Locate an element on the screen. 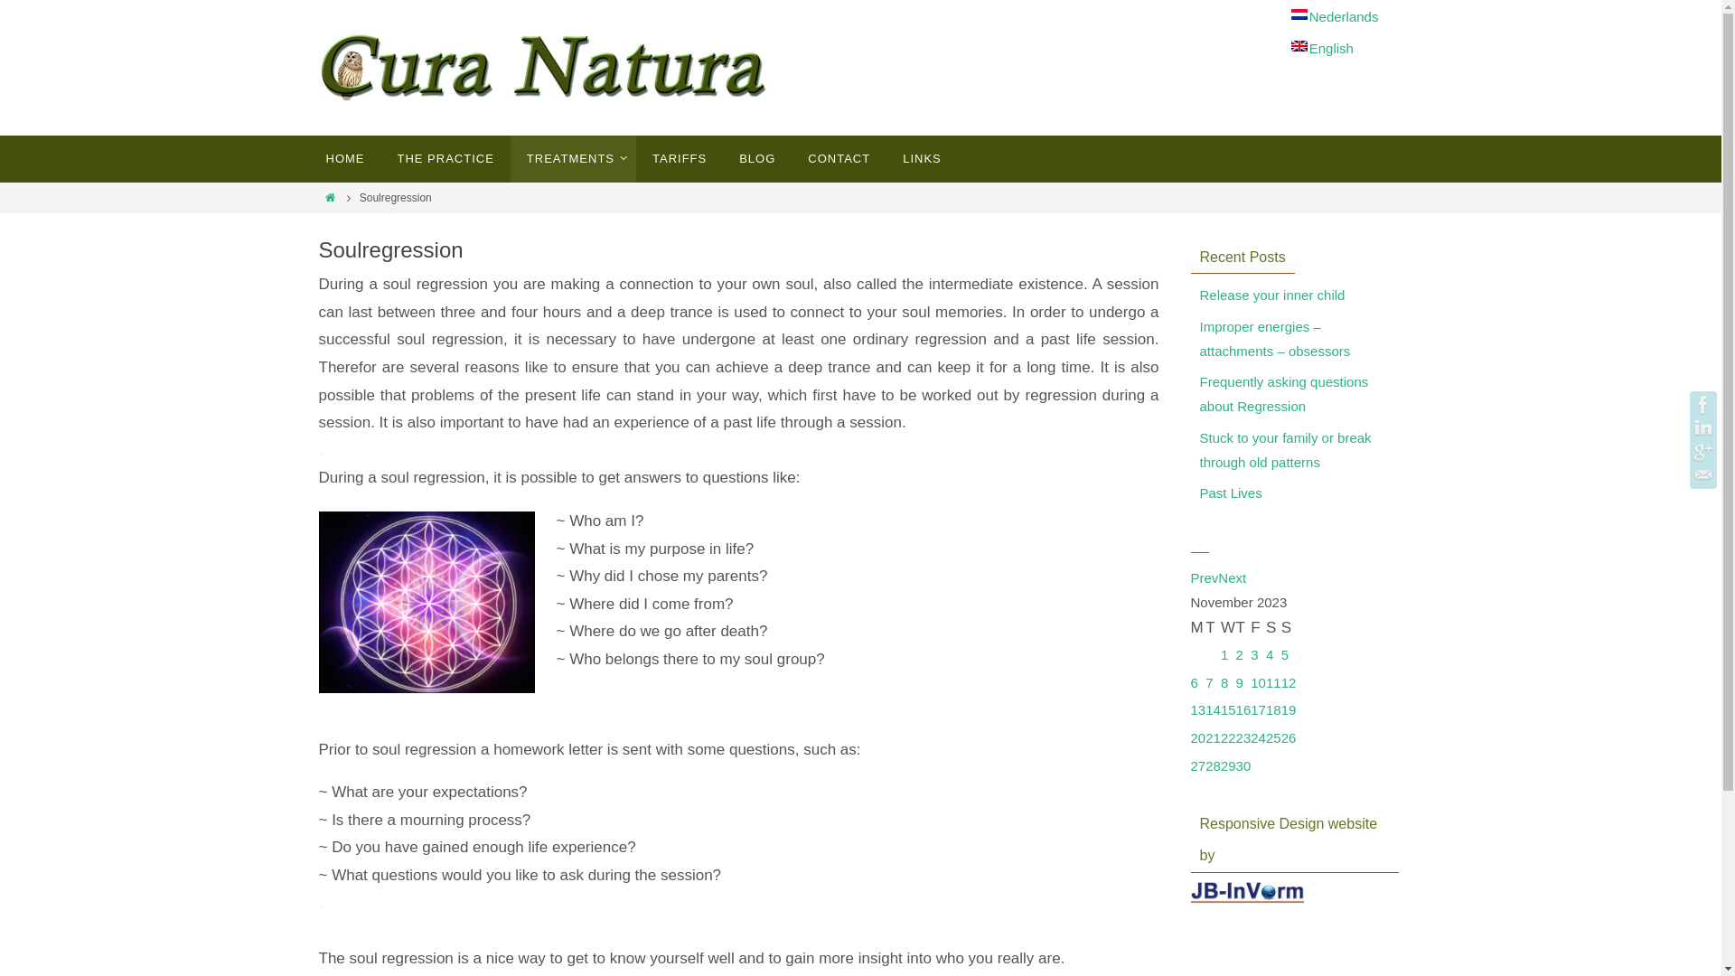 The width and height of the screenshot is (1735, 976). '10' is located at coordinates (1257, 683).